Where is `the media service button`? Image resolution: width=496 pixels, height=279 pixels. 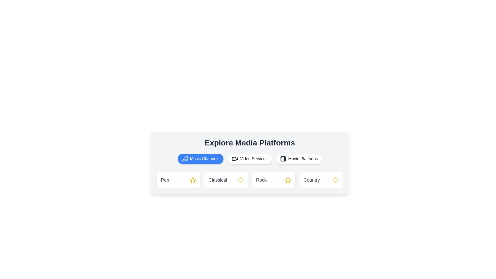 the media service button is located at coordinates (250, 158).